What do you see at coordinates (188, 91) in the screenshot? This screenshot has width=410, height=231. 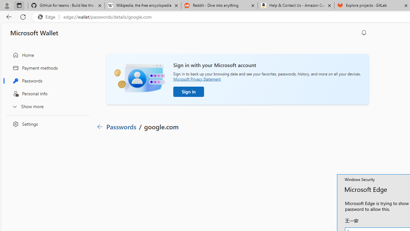 I see `'Sign in'` at bounding box center [188, 91].